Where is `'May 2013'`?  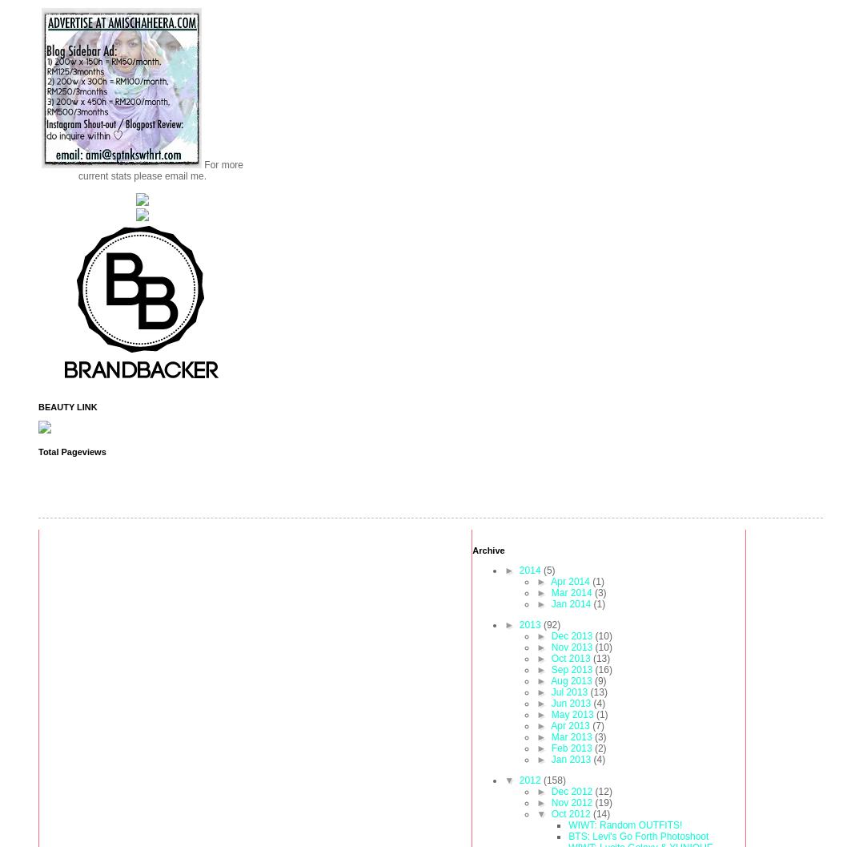 'May 2013' is located at coordinates (572, 713).